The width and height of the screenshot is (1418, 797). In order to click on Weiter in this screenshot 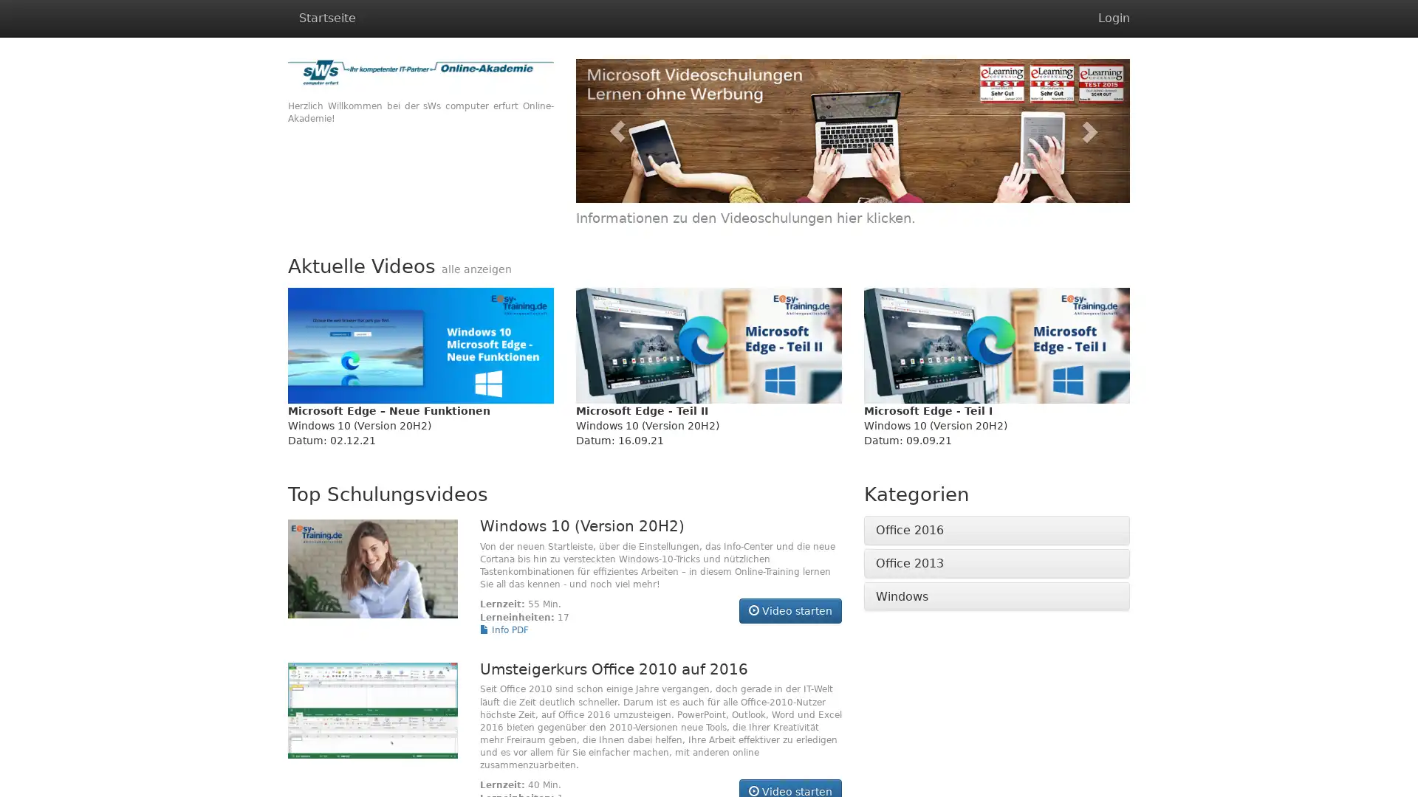, I will do `click(1088, 130)`.